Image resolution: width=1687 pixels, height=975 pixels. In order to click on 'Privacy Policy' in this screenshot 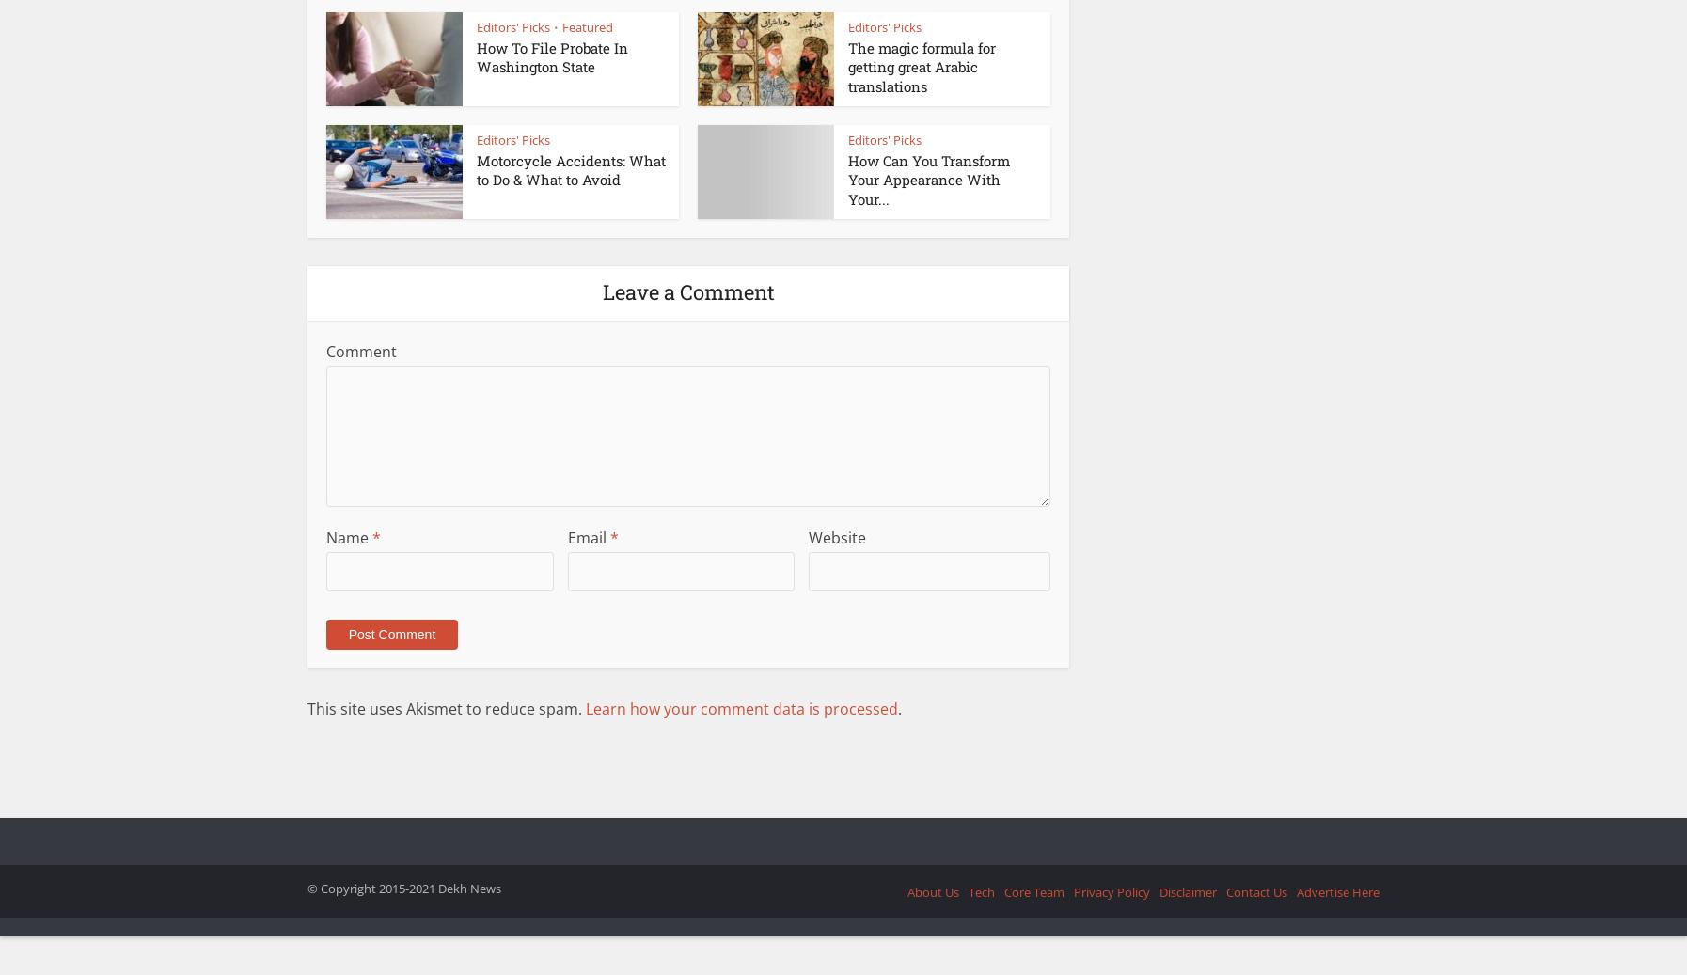, I will do `click(1111, 891)`.